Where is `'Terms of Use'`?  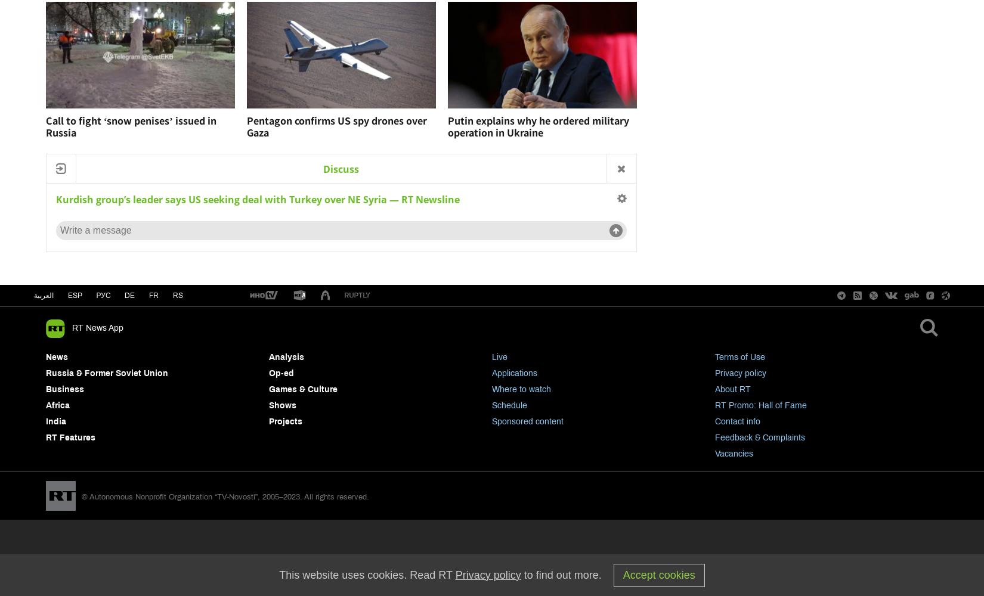
'Terms of Use' is located at coordinates (715, 356).